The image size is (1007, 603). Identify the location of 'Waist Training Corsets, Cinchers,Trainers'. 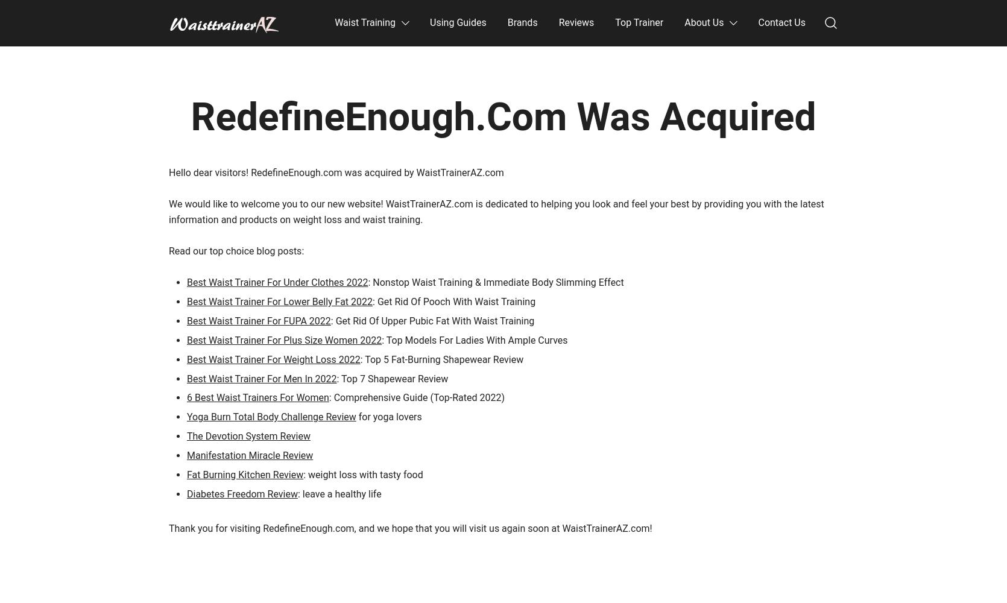
(168, 42).